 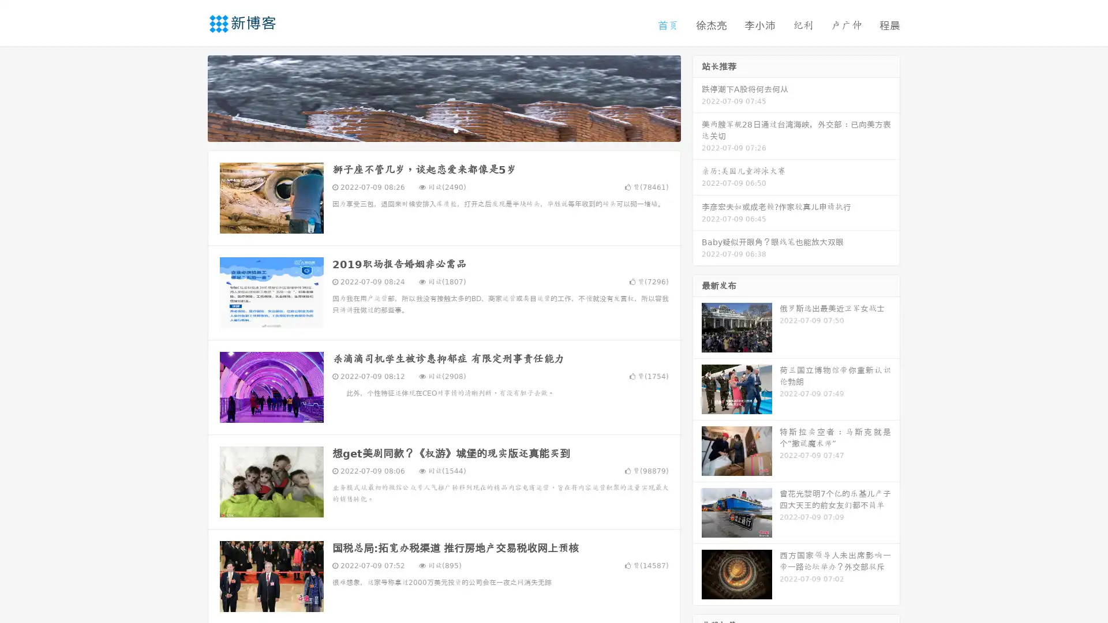 What do you see at coordinates (455, 130) in the screenshot?
I see `Go to slide 3` at bounding box center [455, 130].